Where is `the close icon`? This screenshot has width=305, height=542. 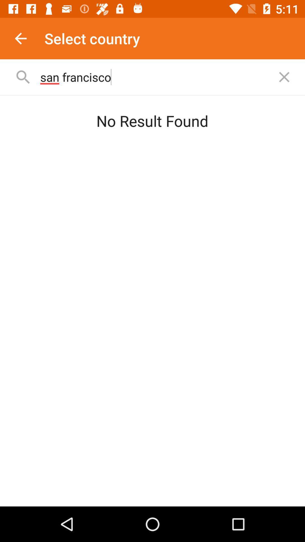 the close icon is located at coordinates (284, 77).